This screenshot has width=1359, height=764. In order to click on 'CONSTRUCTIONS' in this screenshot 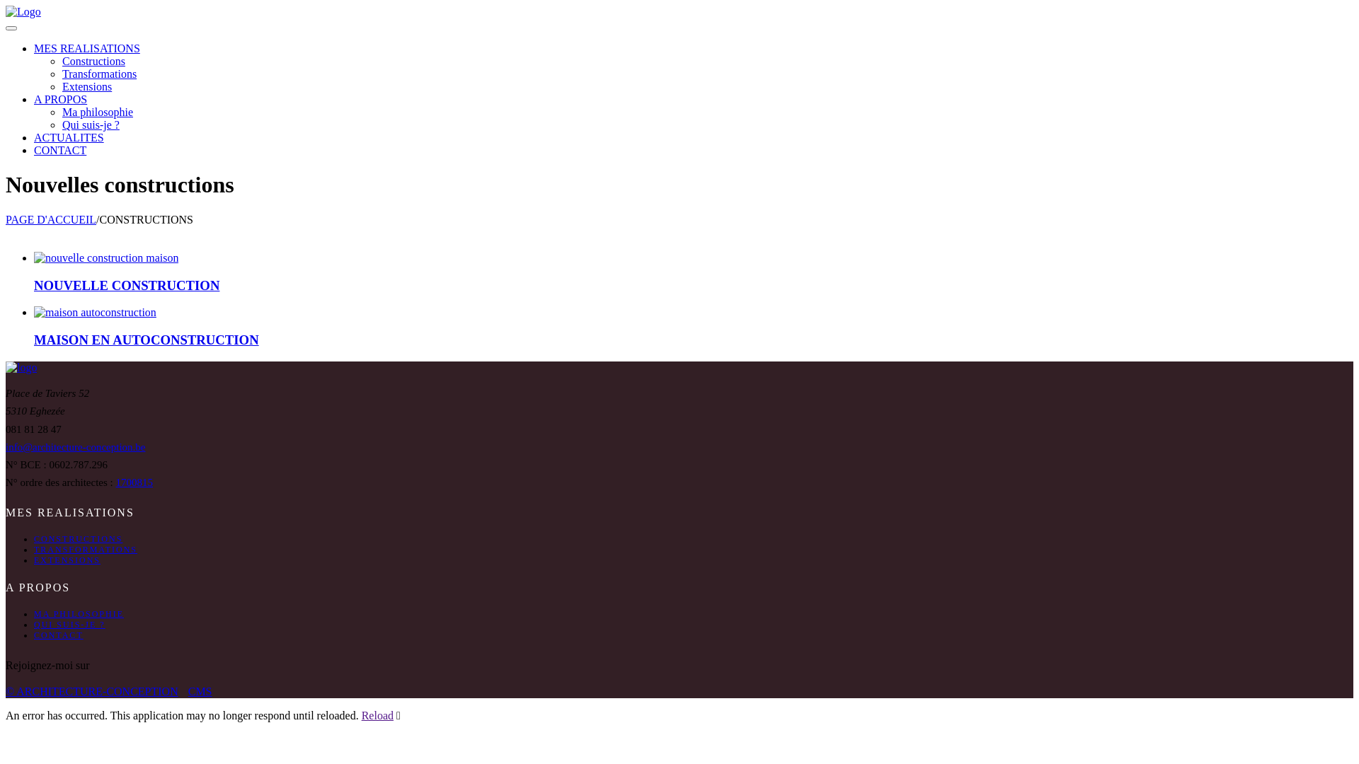, I will do `click(77, 539)`.